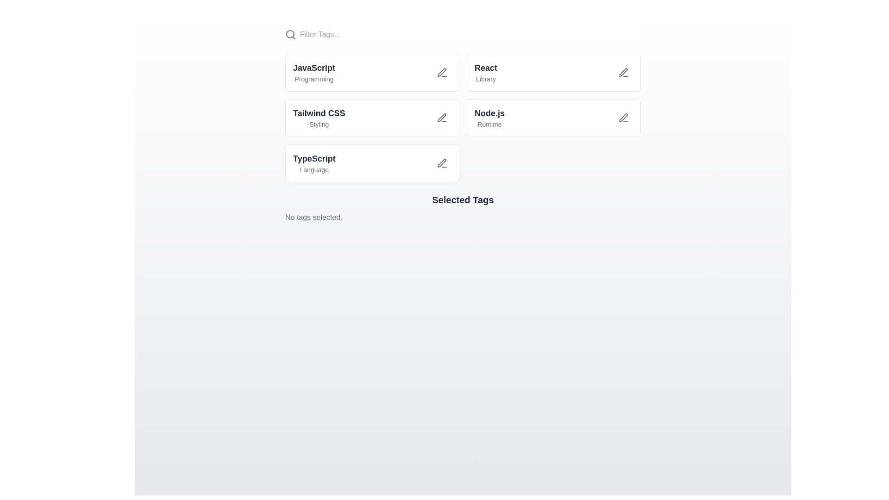 The height and width of the screenshot is (500, 889). What do you see at coordinates (314, 169) in the screenshot?
I see `the static text element that serves as a description or category label for the 'TypeScript' label above it` at bounding box center [314, 169].